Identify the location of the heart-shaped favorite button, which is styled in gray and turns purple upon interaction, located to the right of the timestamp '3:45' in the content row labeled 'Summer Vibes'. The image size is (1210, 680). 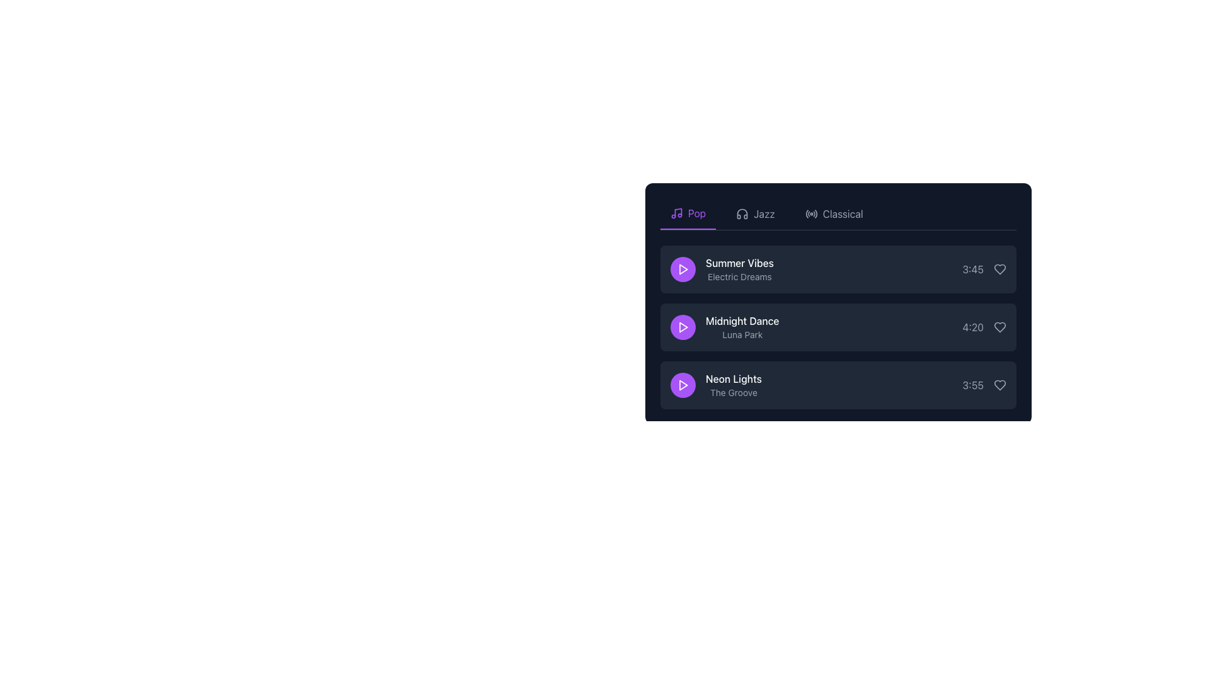
(1000, 269).